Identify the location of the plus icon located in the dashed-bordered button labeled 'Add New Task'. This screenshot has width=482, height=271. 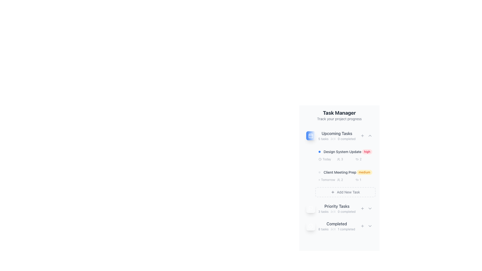
(333, 192).